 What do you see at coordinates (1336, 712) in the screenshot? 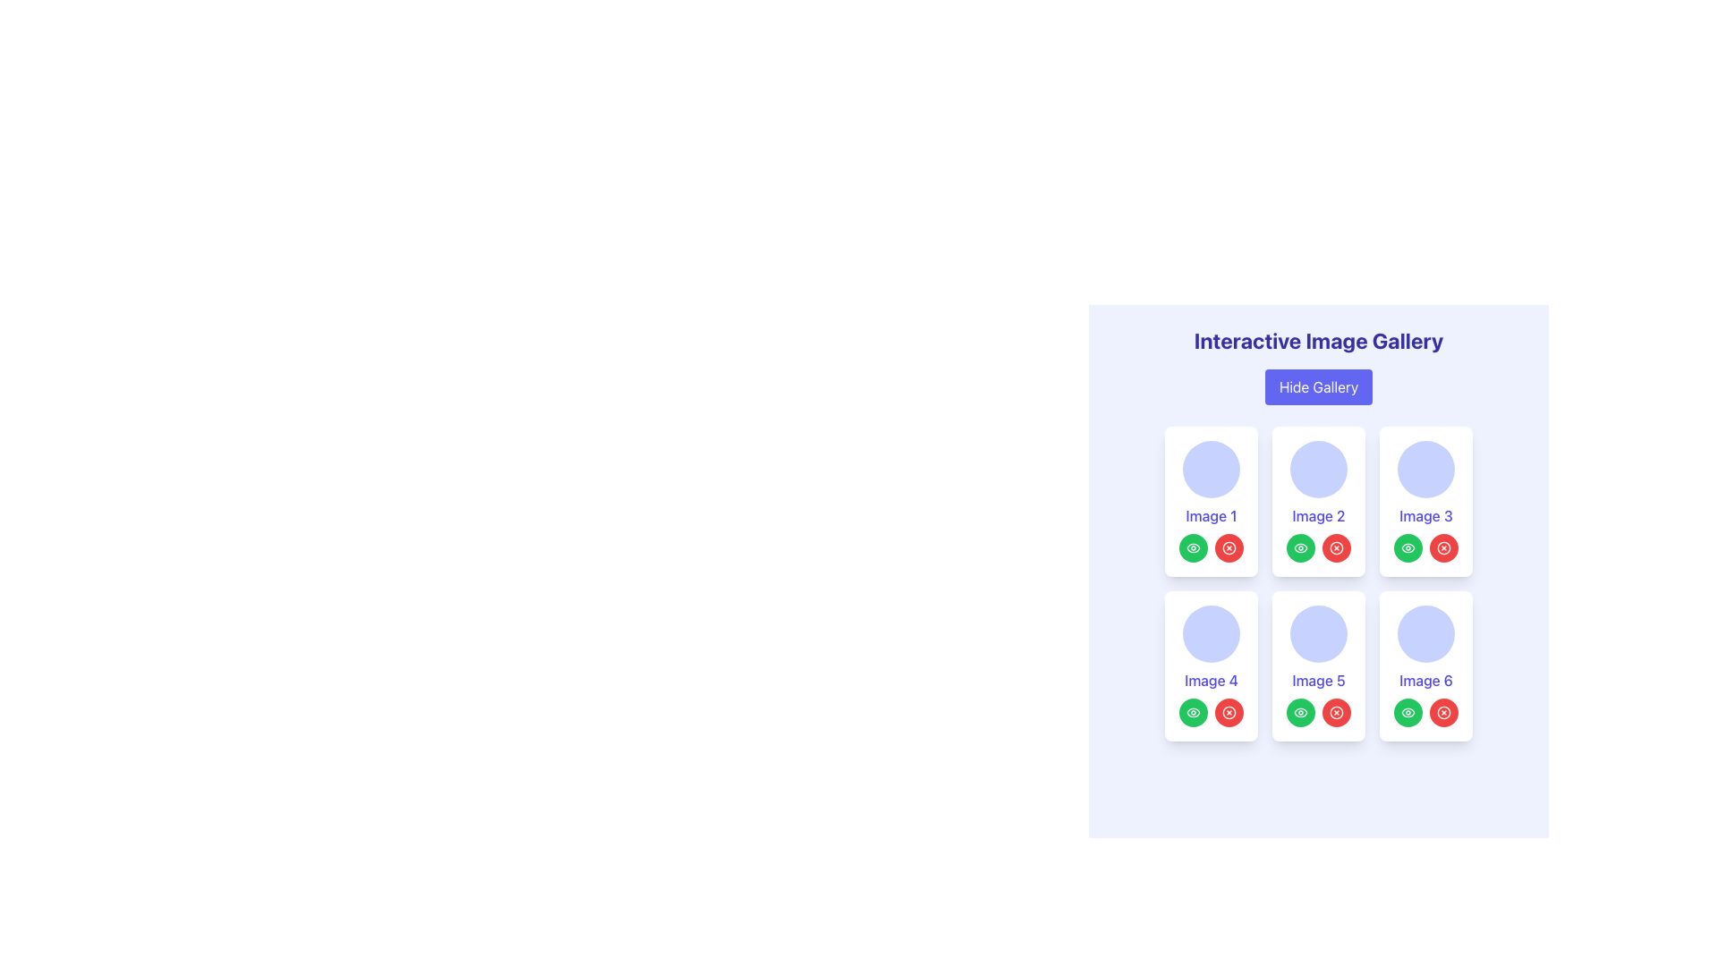
I see `the red delete button with a cross icon located in the bottom section of the card labeled 'Image 5' to initiate a delete or remove action` at bounding box center [1336, 712].